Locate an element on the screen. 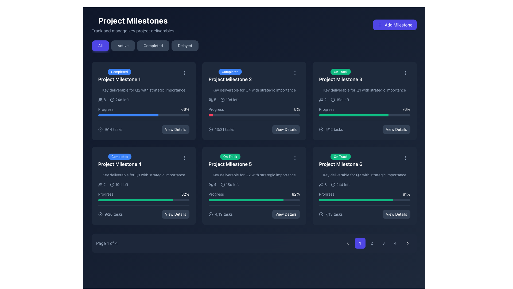 This screenshot has height=289, width=513. the ellipsis icon located at the top-right corner of the 'Project Milestone 2' card is located at coordinates (295, 73).